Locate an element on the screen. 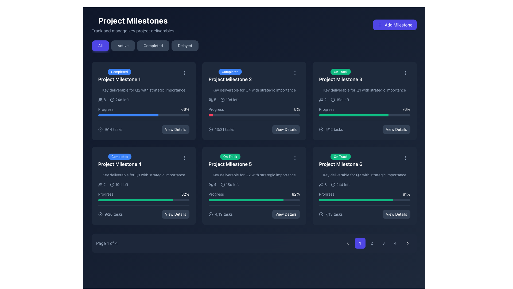 This screenshot has height=289, width=513. the ellipsis icon located at the top-right corner of the 'Project Milestone 2' card is located at coordinates (295, 73).